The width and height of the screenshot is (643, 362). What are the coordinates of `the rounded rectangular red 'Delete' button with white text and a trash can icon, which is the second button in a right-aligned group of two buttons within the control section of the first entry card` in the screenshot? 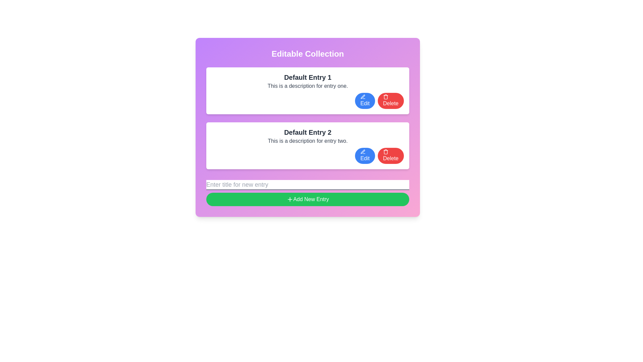 It's located at (390, 101).